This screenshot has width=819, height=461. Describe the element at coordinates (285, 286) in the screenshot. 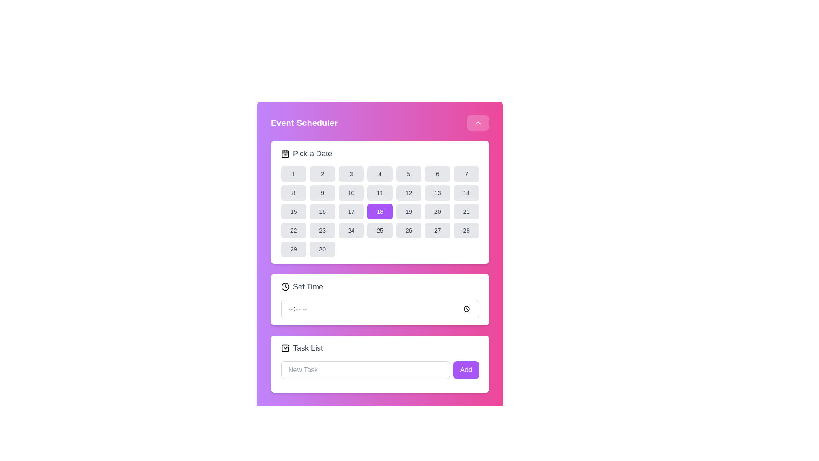

I see `the circular component resembling a clock face, which is part of the icon set next to the 'Set Time' label` at that location.